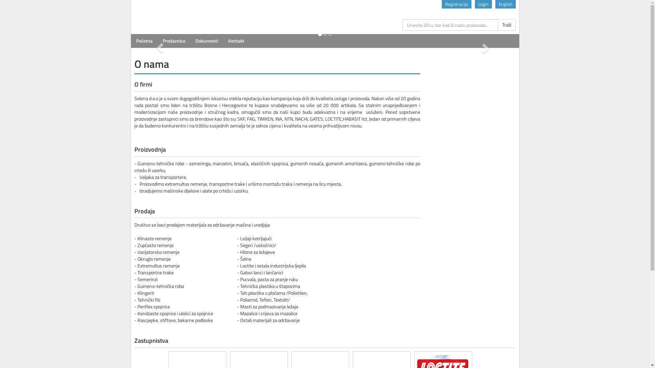 The height and width of the screenshot is (368, 655). Describe the element at coordinates (174, 41) in the screenshot. I see `'Prodavnica'` at that location.